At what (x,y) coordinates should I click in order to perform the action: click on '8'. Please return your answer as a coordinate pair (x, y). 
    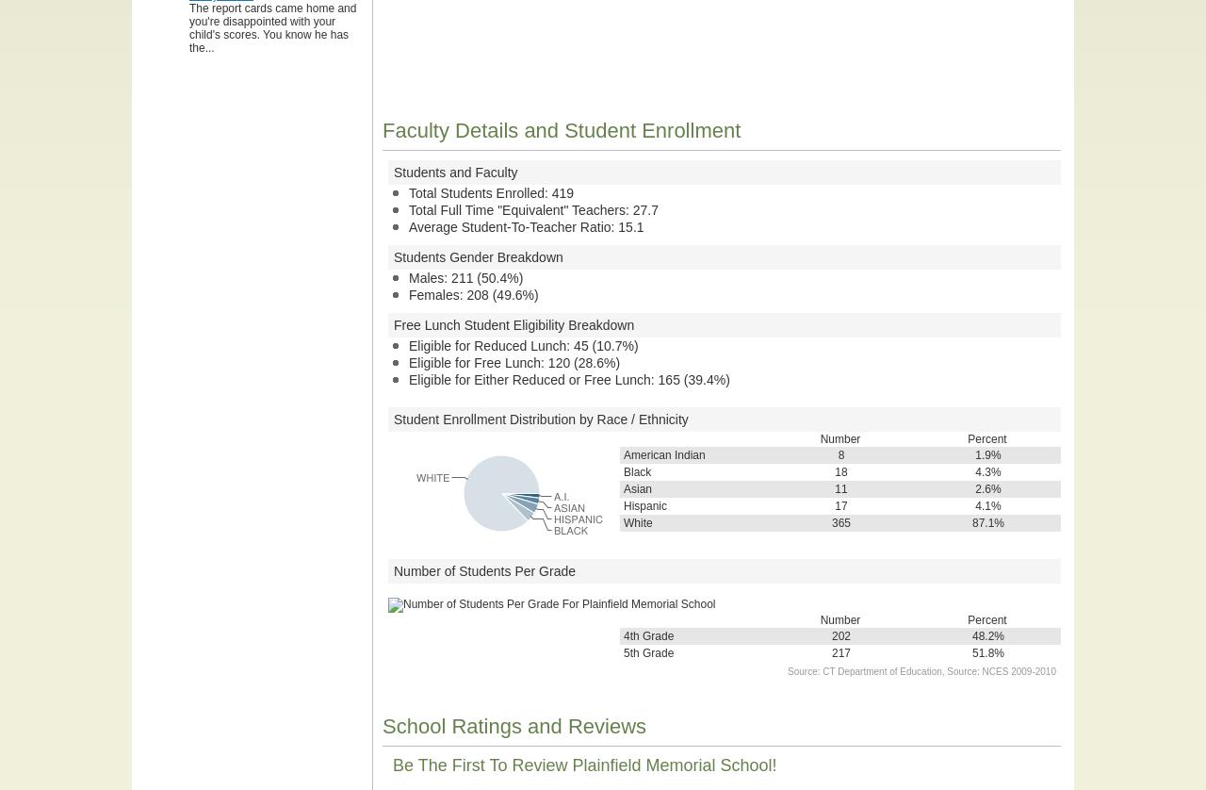
    Looking at the image, I should click on (839, 455).